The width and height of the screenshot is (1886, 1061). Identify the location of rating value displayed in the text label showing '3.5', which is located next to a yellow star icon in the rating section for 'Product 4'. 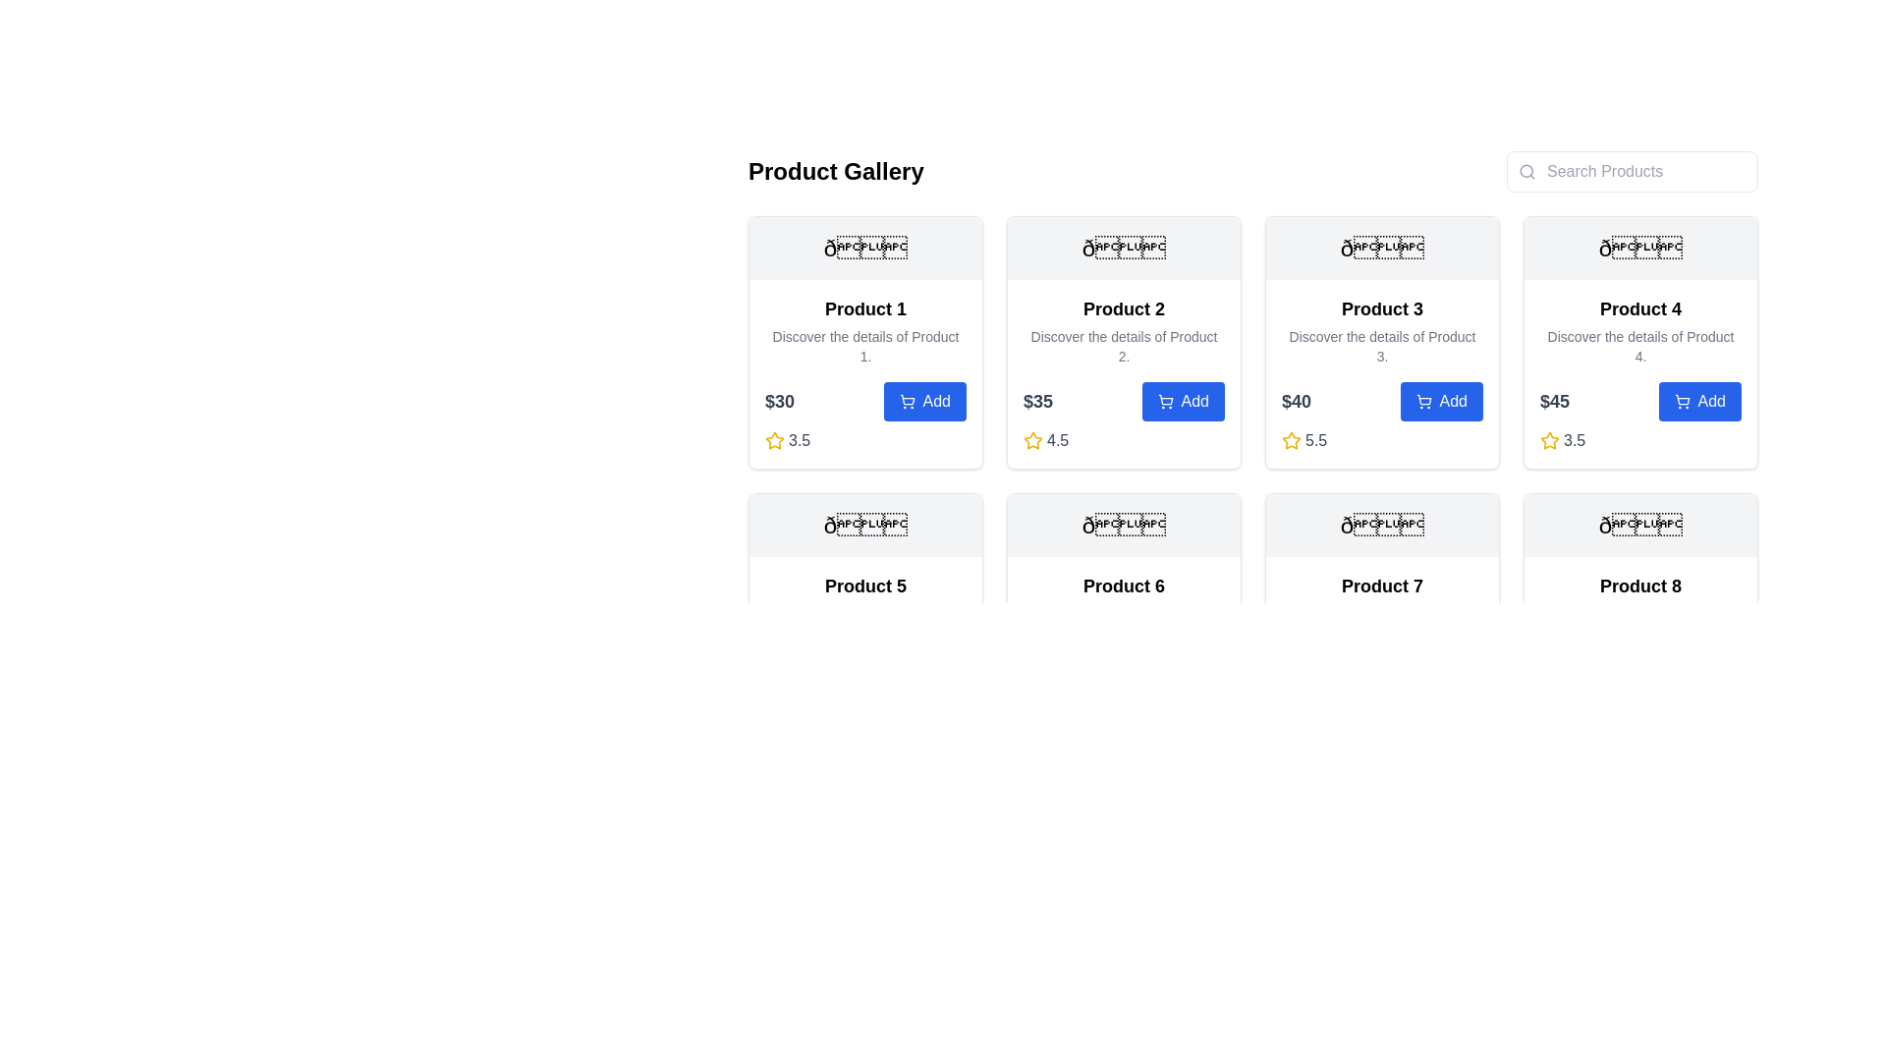
(800, 439).